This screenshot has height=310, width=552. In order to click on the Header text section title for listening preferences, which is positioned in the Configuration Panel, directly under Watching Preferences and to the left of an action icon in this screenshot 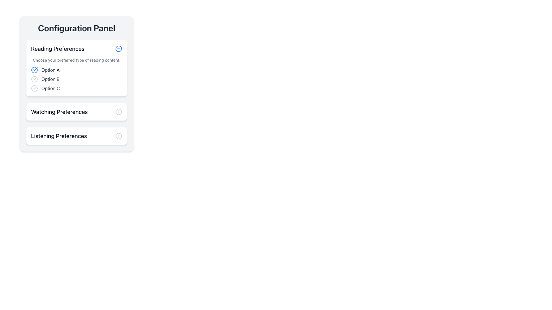, I will do `click(59, 136)`.